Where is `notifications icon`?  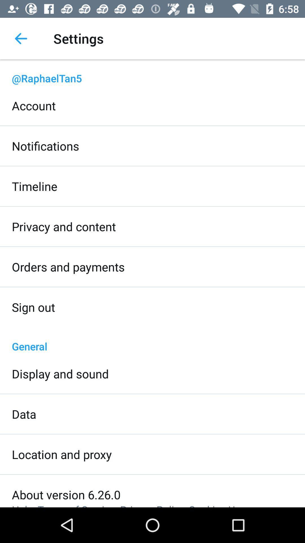 notifications icon is located at coordinates (45, 146).